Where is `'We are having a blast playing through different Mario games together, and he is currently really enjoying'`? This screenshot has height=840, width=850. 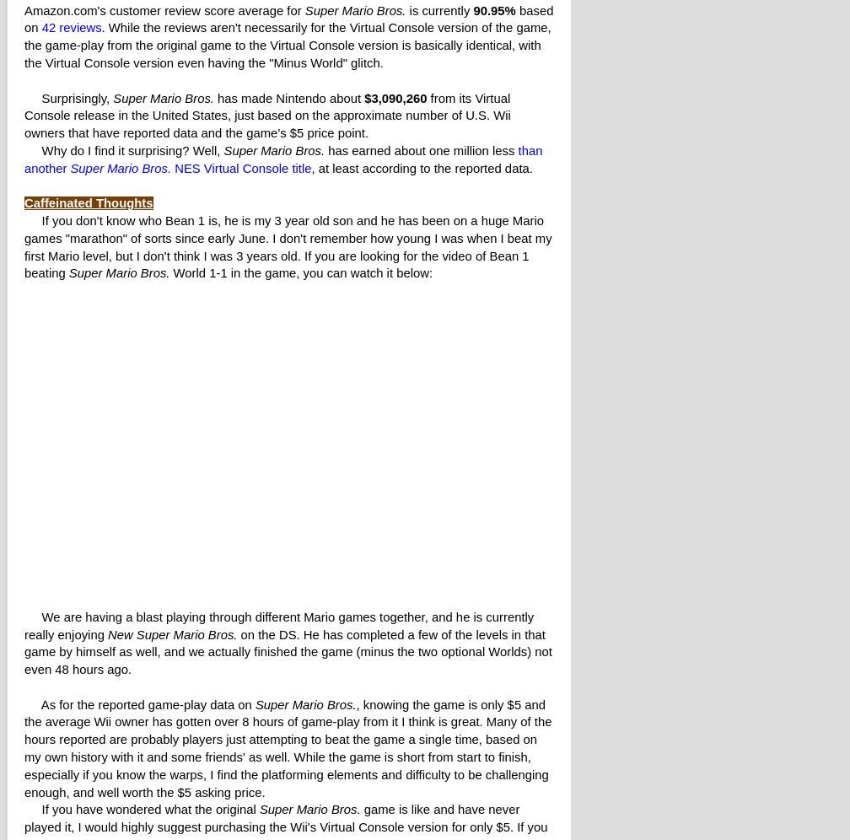
'We are having a blast playing through different Mario games together, and he is currently really enjoying' is located at coordinates (279, 624).